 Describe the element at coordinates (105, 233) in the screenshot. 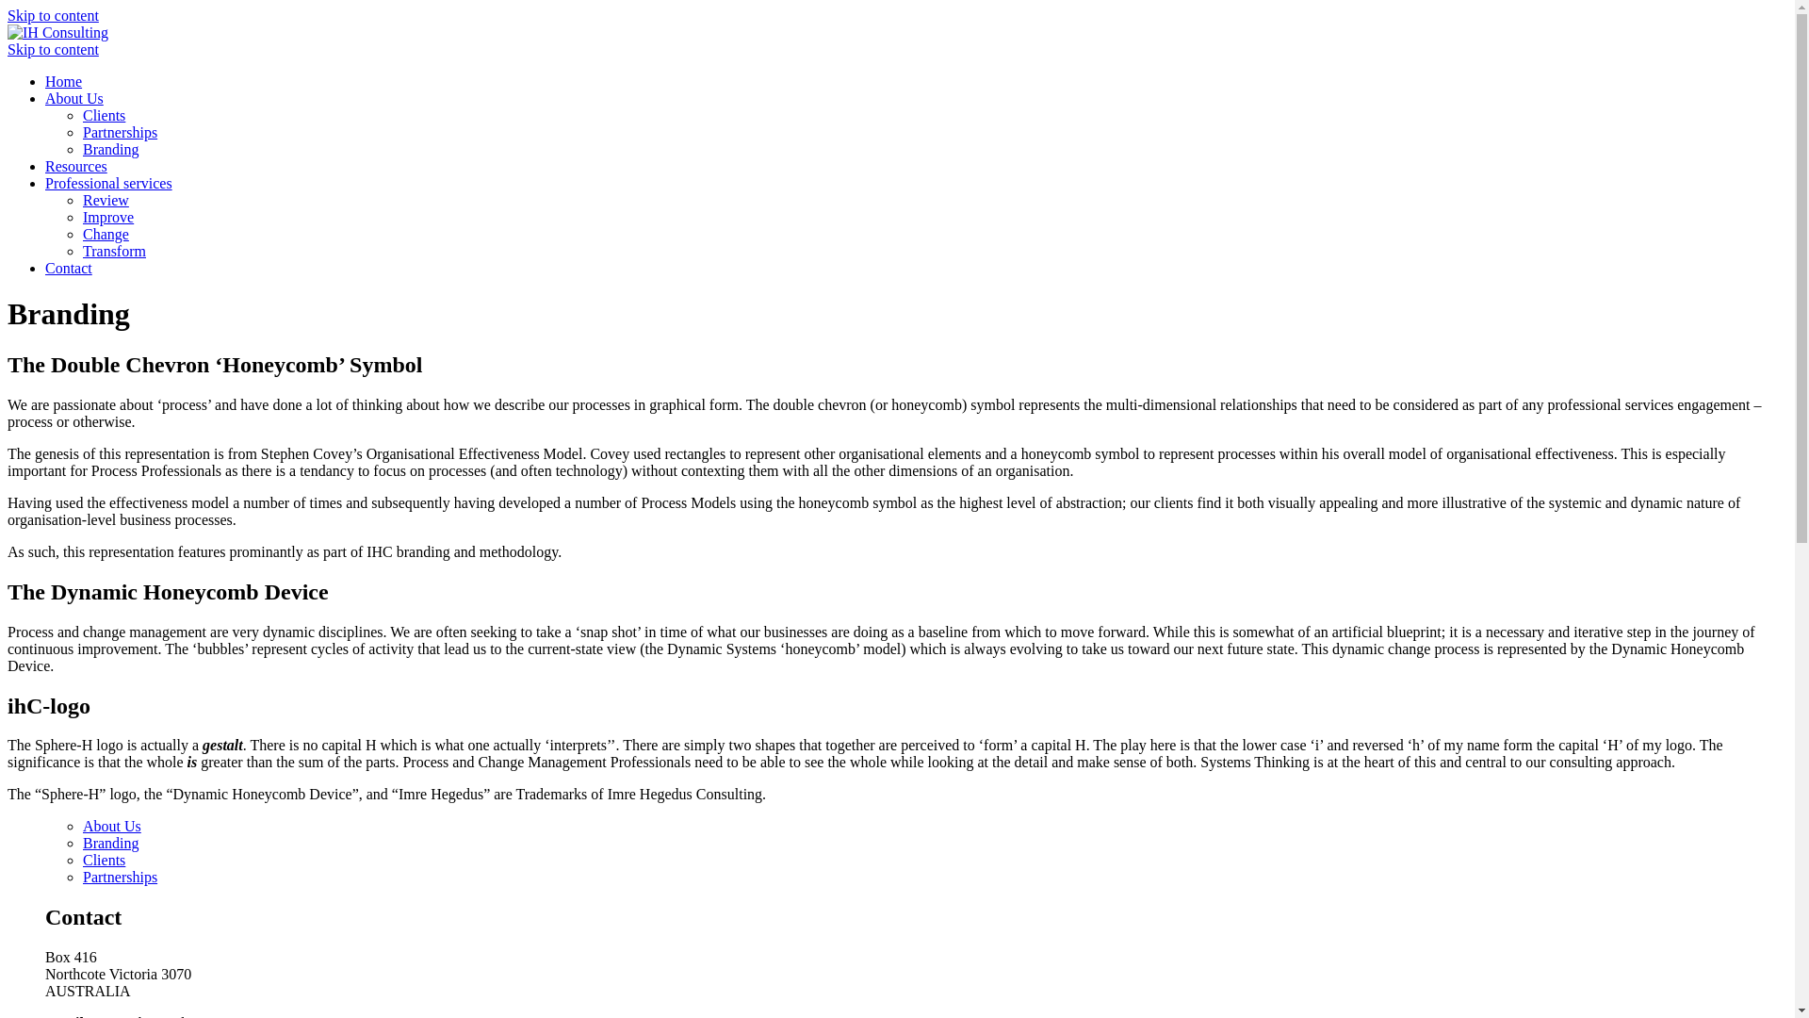

I see `'Change'` at that location.